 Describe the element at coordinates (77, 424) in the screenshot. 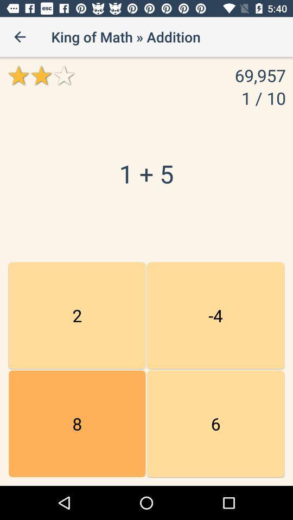

I see `the 19` at that location.